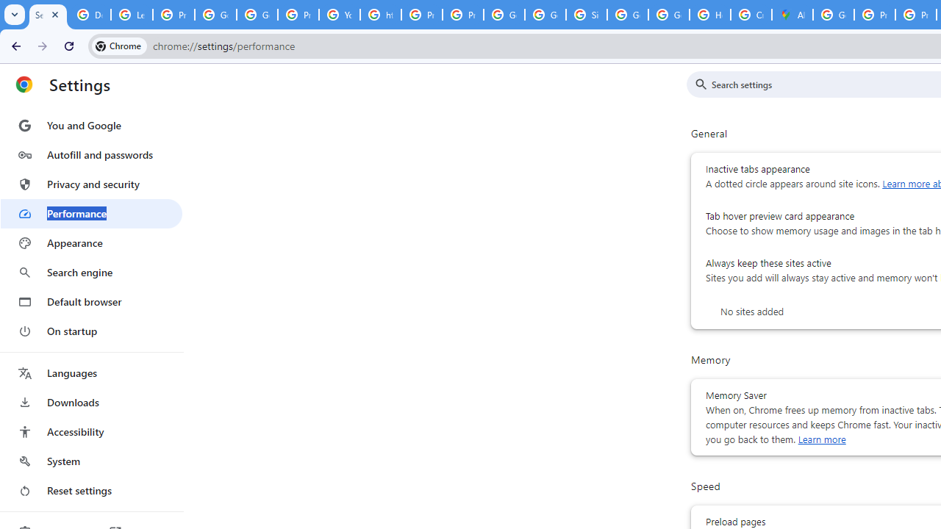 The width and height of the screenshot is (941, 529). What do you see at coordinates (586, 15) in the screenshot?
I see `'Sign in - Google Accounts'` at bounding box center [586, 15].